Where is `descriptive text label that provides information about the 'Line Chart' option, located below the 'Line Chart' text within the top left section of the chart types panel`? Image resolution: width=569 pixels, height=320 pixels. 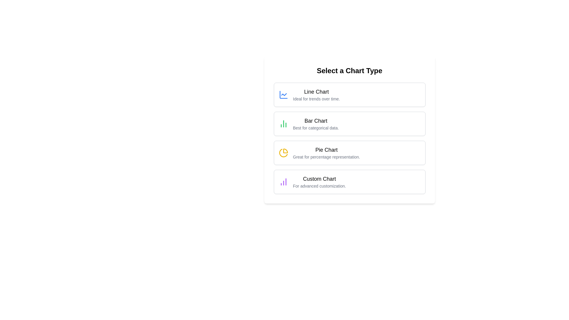 descriptive text label that provides information about the 'Line Chart' option, located below the 'Line Chart' text within the top left section of the chart types panel is located at coordinates (316, 99).